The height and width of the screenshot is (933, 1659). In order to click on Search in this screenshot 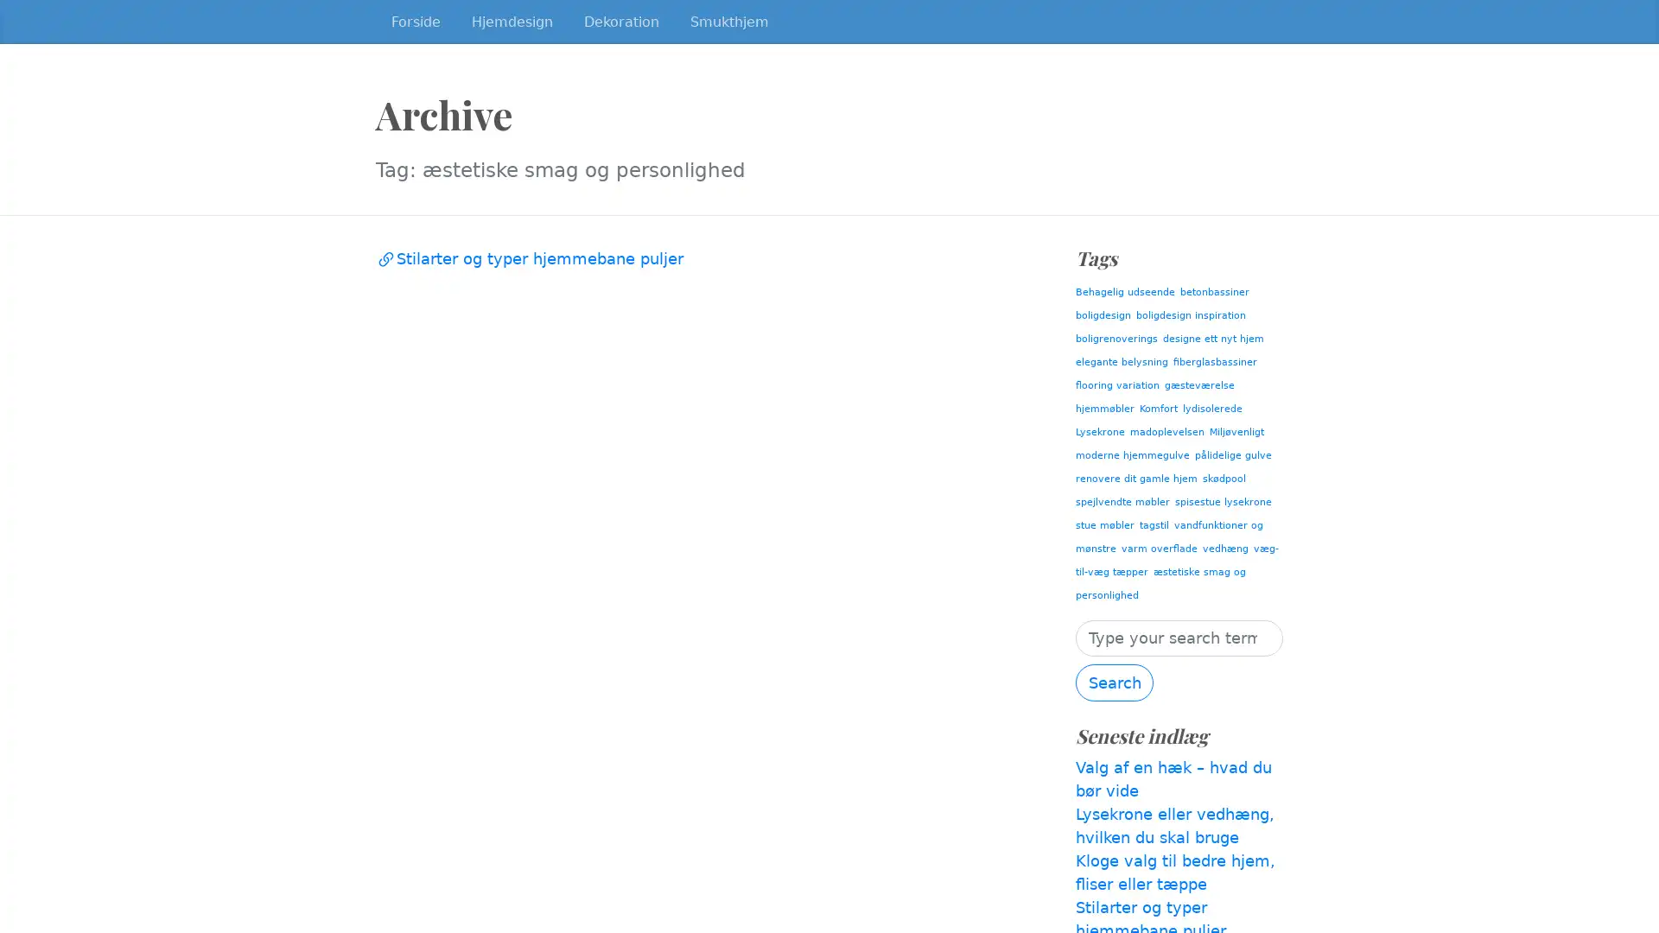, I will do `click(1115, 682)`.